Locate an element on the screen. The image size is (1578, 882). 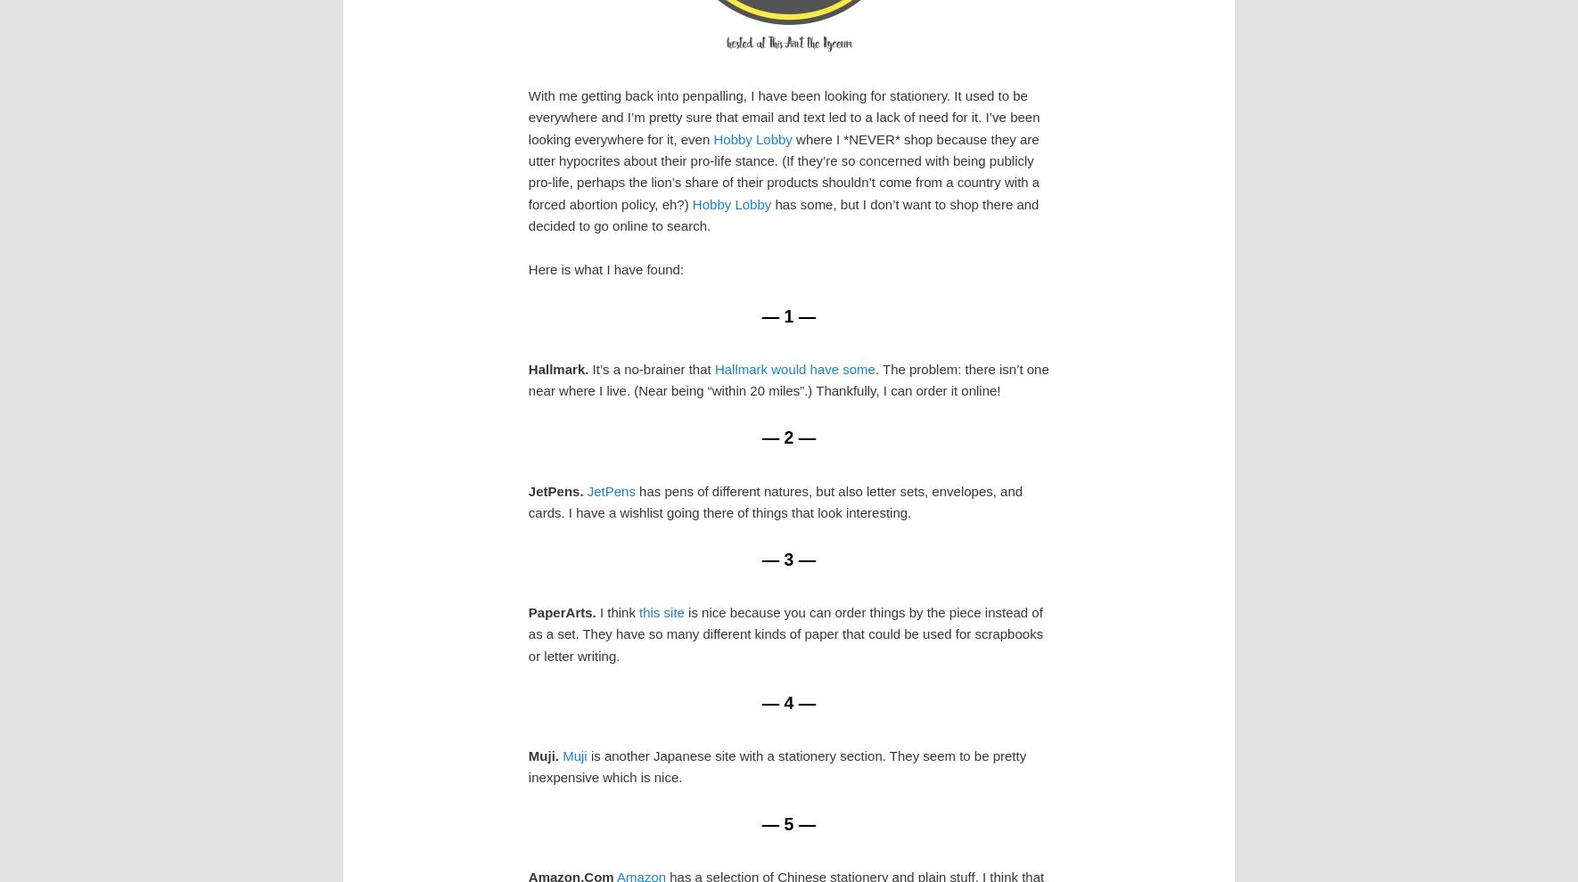
'is another Japanese site with a stationery section. They seem to be pretty inexpensive which is nice.' is located at coordinates (777, 766).